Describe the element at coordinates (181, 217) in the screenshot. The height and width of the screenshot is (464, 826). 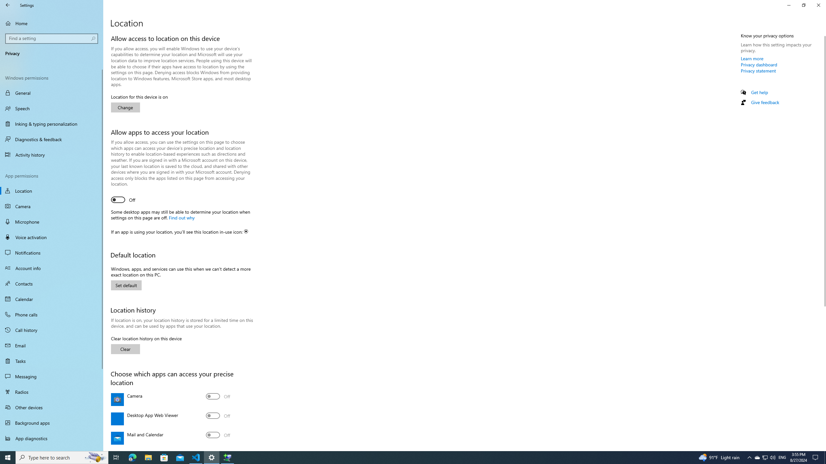
I see `'Find out why'` at that location.